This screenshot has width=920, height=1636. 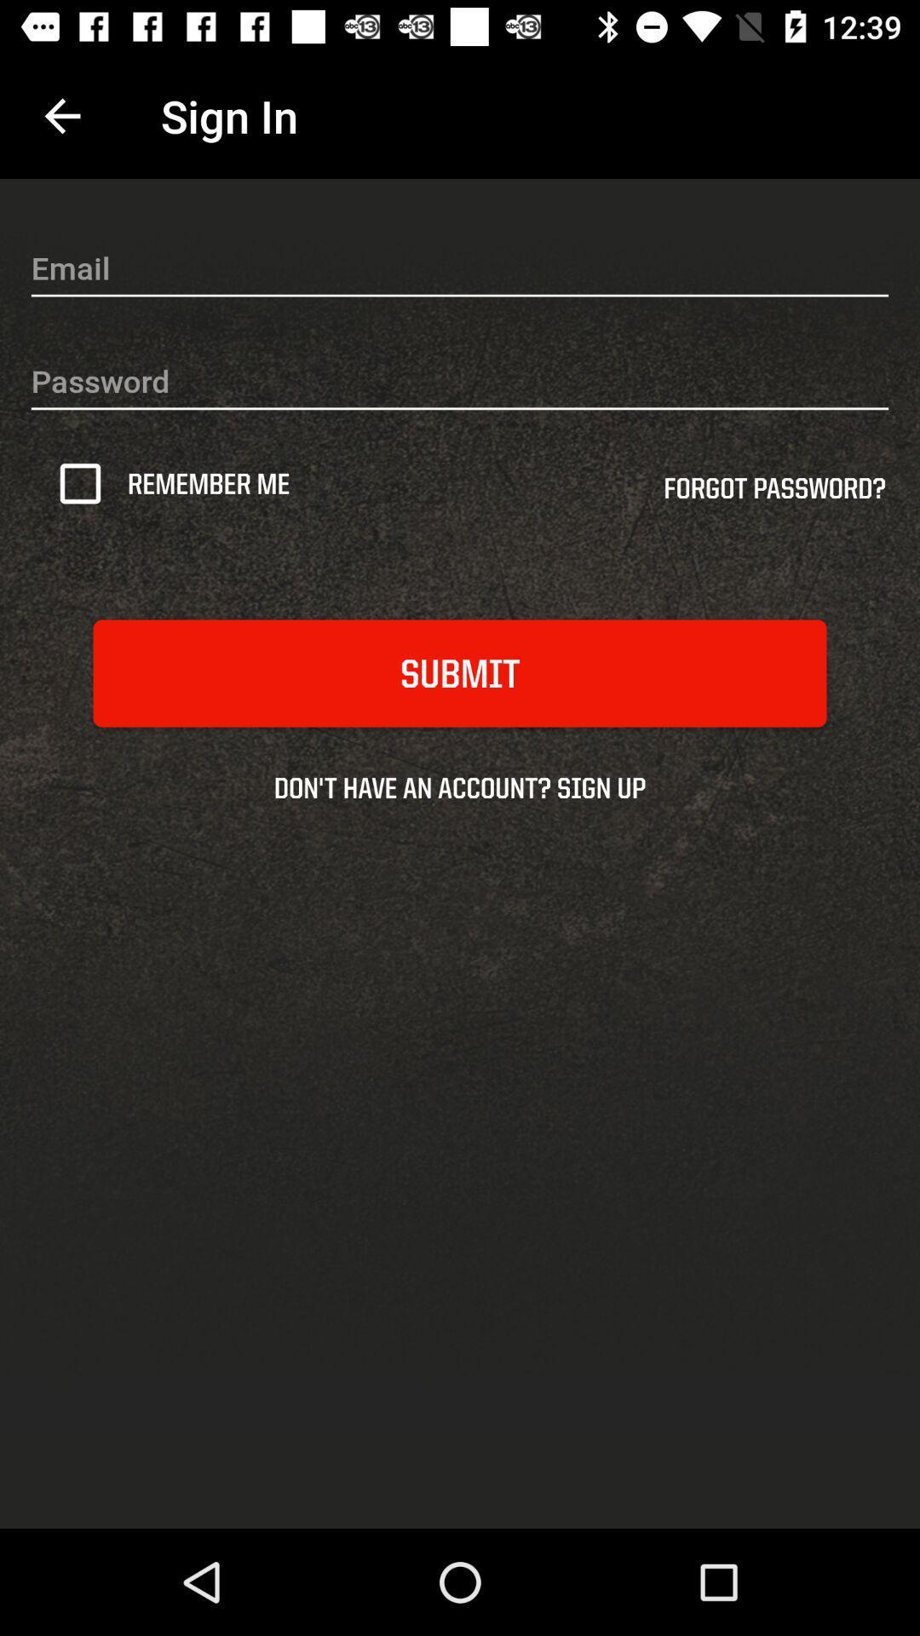 What do you see at coordinates (86, 482) in the screenshot?
I see `the icon next to the remember me icon` at bounding box center [86, 482].